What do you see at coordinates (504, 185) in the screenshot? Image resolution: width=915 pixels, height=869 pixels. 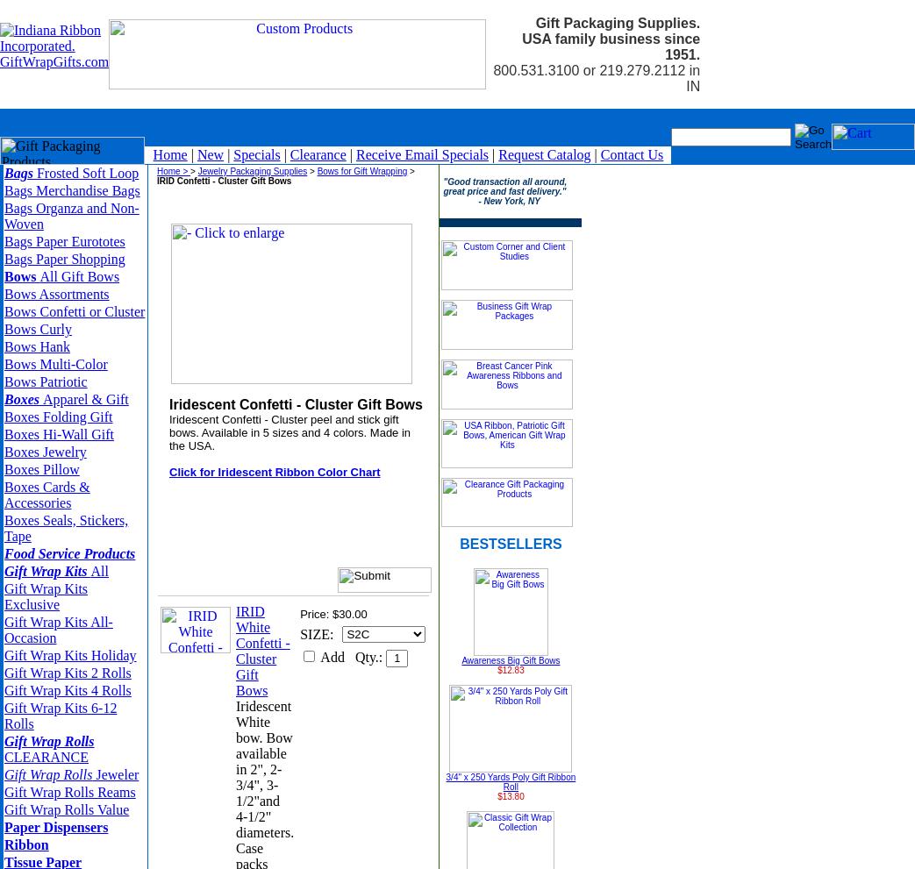 I see `'"Good transaction all around, great price and fast delivery."'` at bounding box center [504, 185].